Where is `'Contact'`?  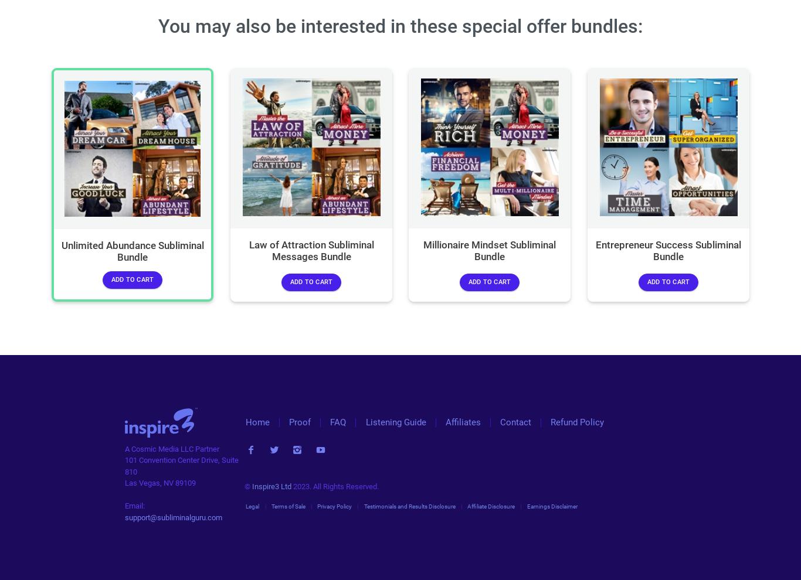 'Contact' is located at coordinates (514, 422).